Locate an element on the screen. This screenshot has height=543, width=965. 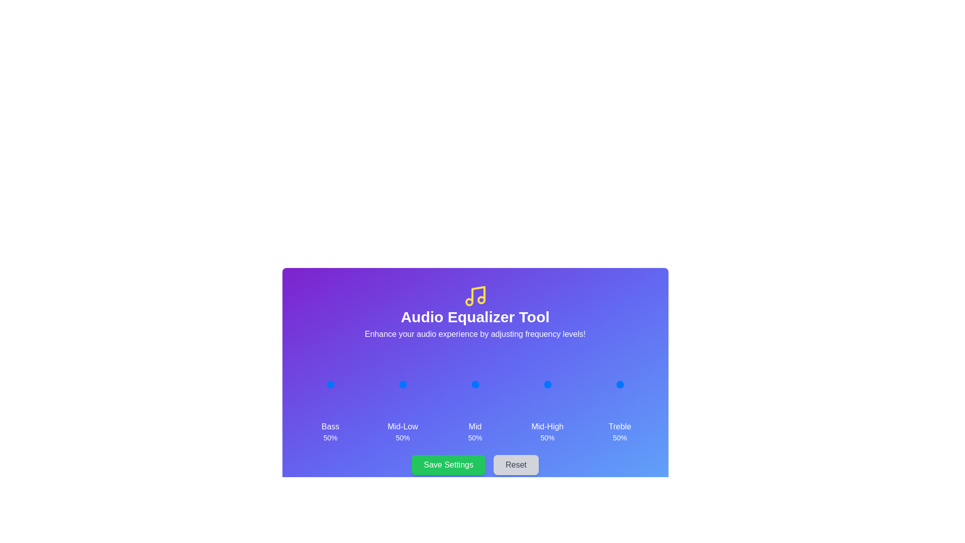
the 0 slider to 79% is located at coordinates (340, 384).